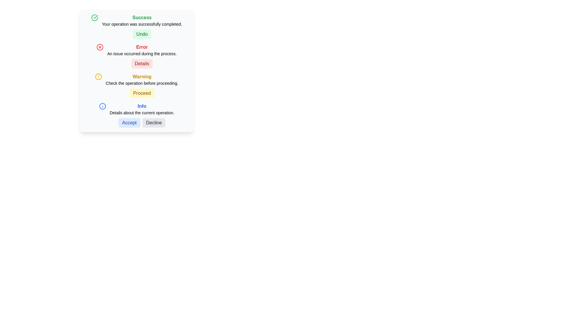 This screenshot has height=319, width=568. I want to click on the button located in the bottom warning section of the interface, so click(142, 93).